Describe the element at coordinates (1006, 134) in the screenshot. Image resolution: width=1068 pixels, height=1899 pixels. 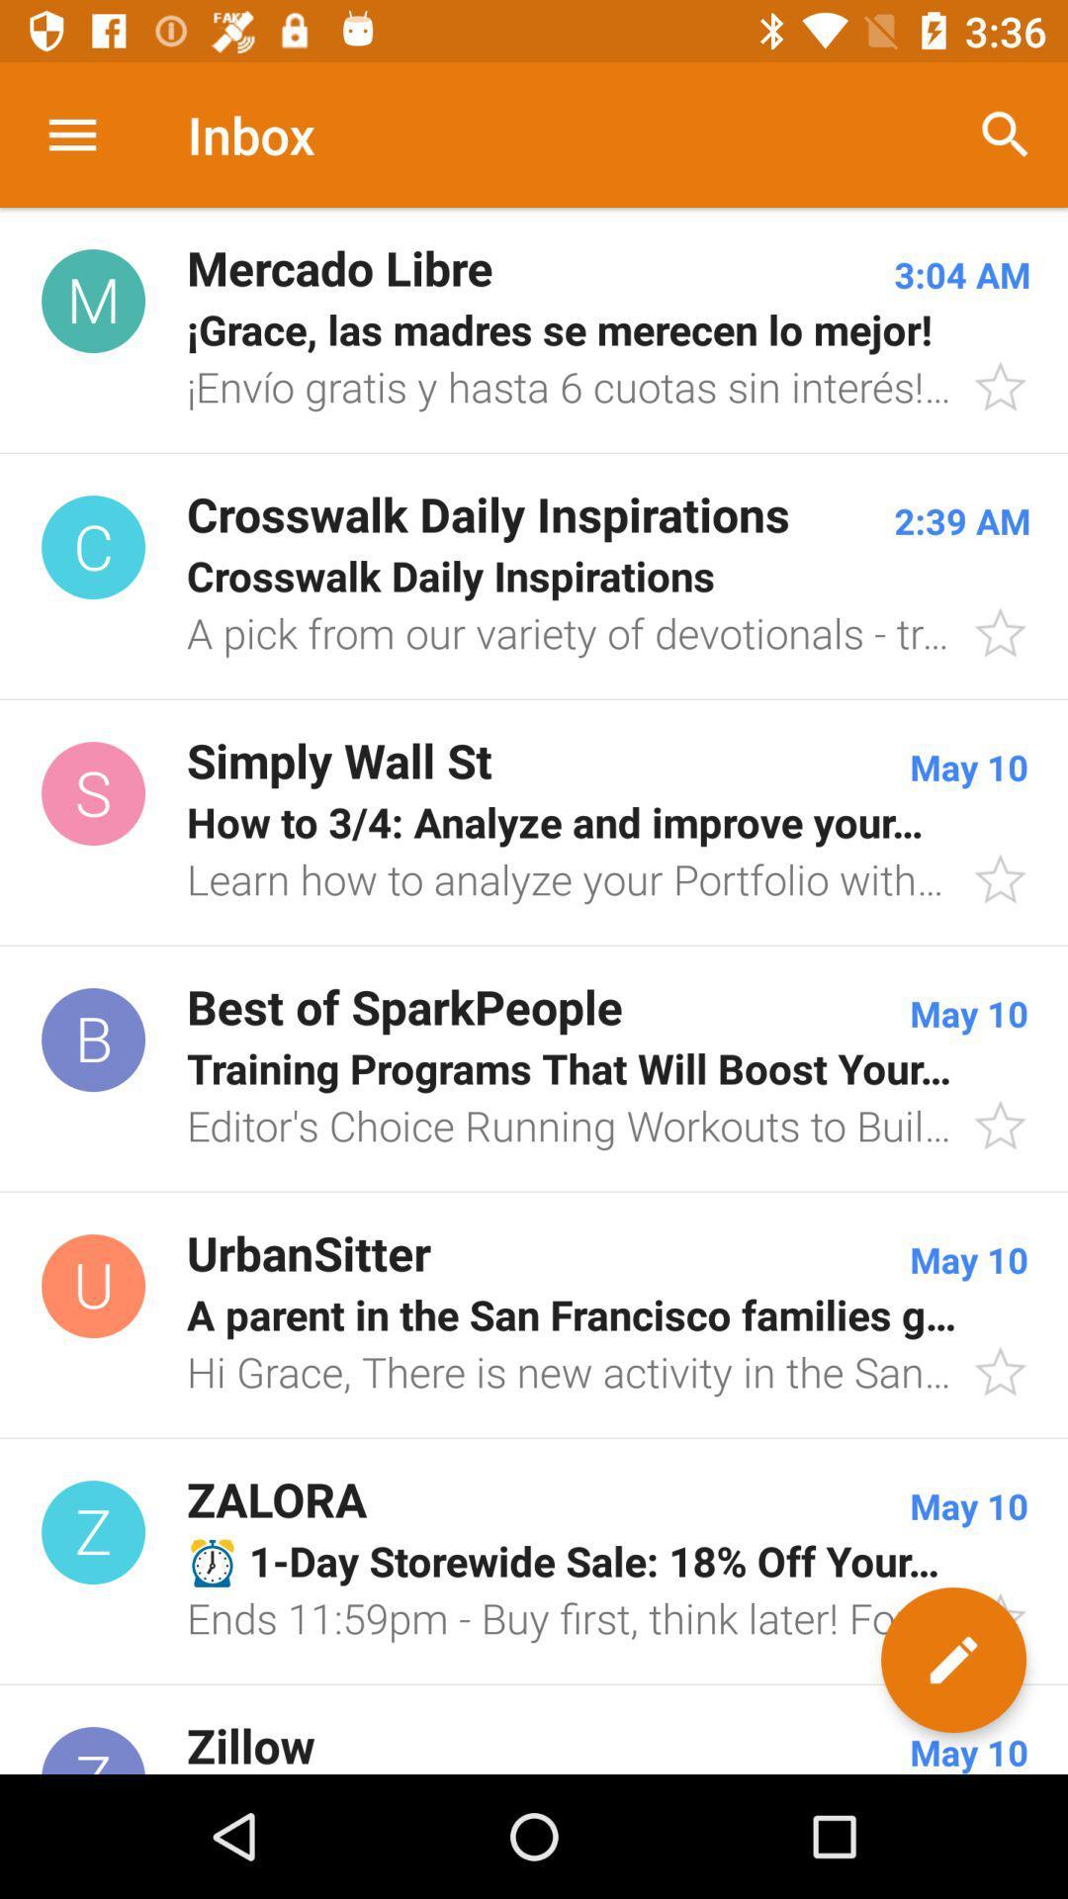
I see `the icon to the right of inbox` at that location.